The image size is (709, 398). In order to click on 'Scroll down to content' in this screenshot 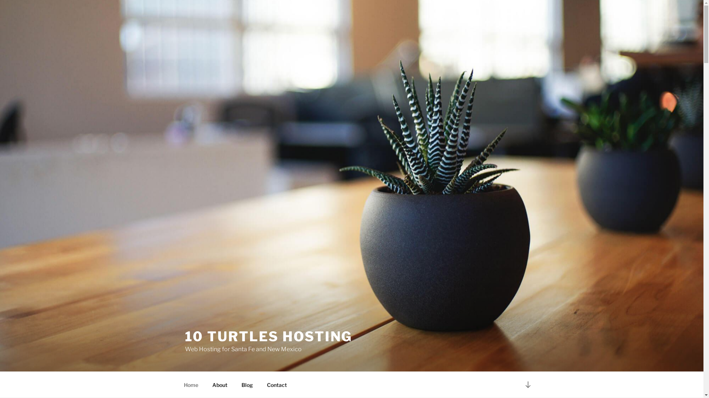, I will do `click(527, 384)`.